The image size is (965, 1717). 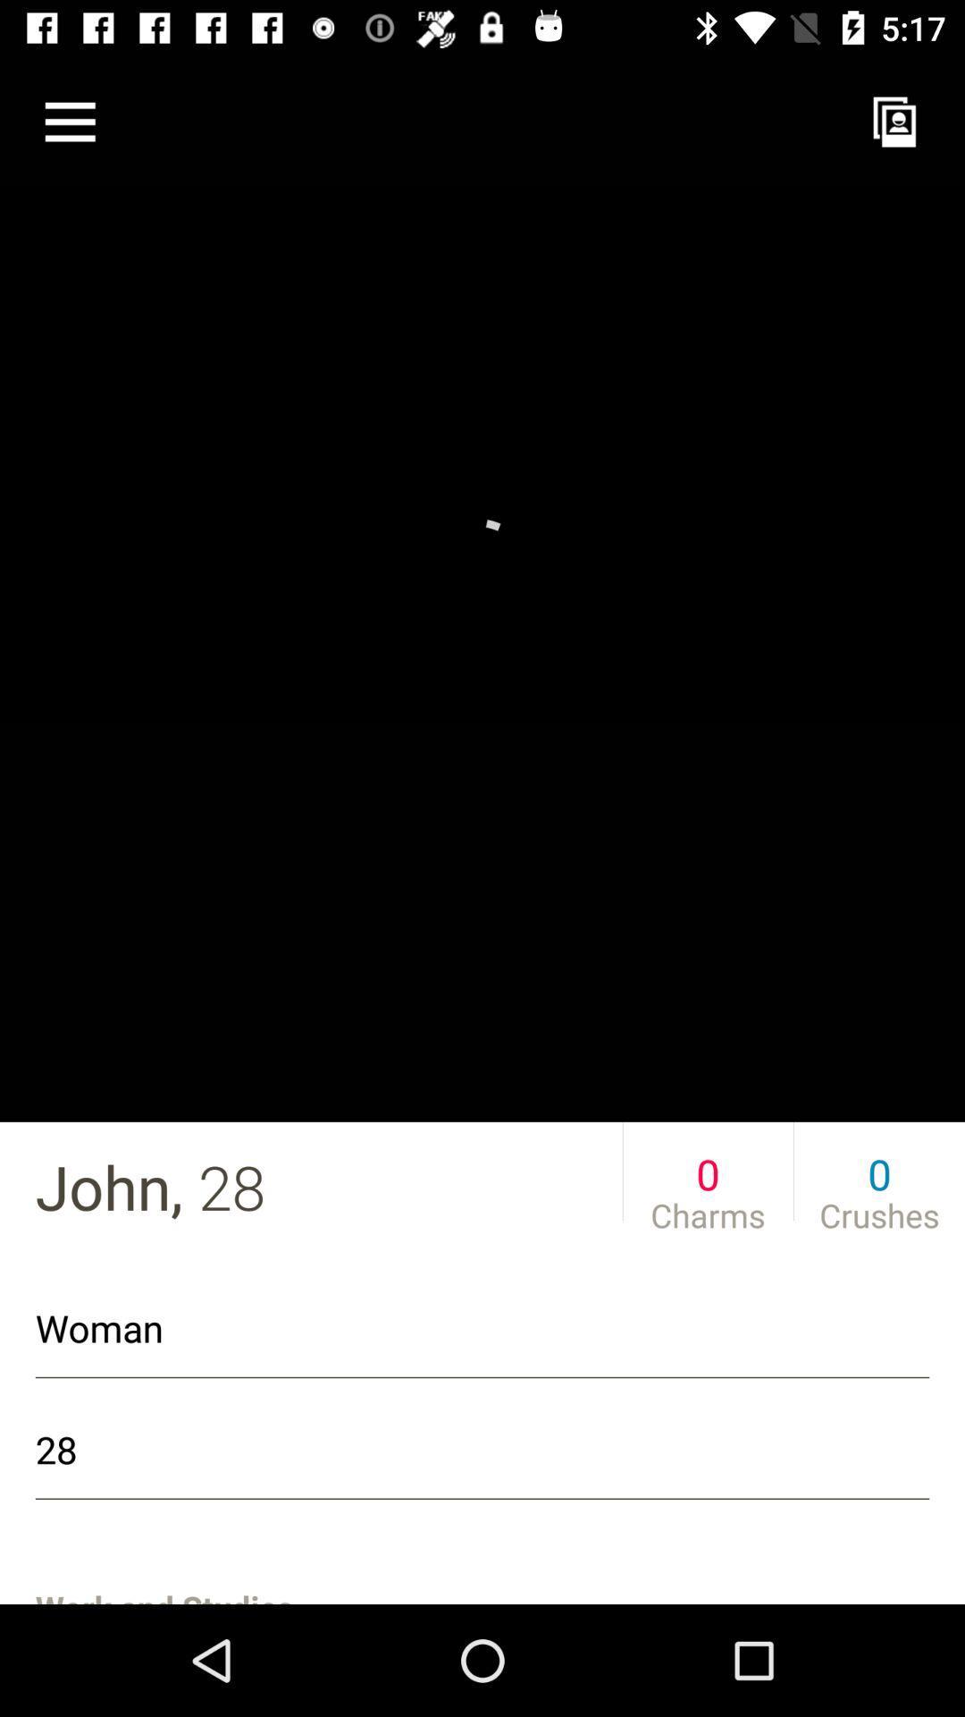 What do you see at coordinates (894, 121) in the screenshot?
I see `the wallpaper icon` at bounding box center [894, 121].